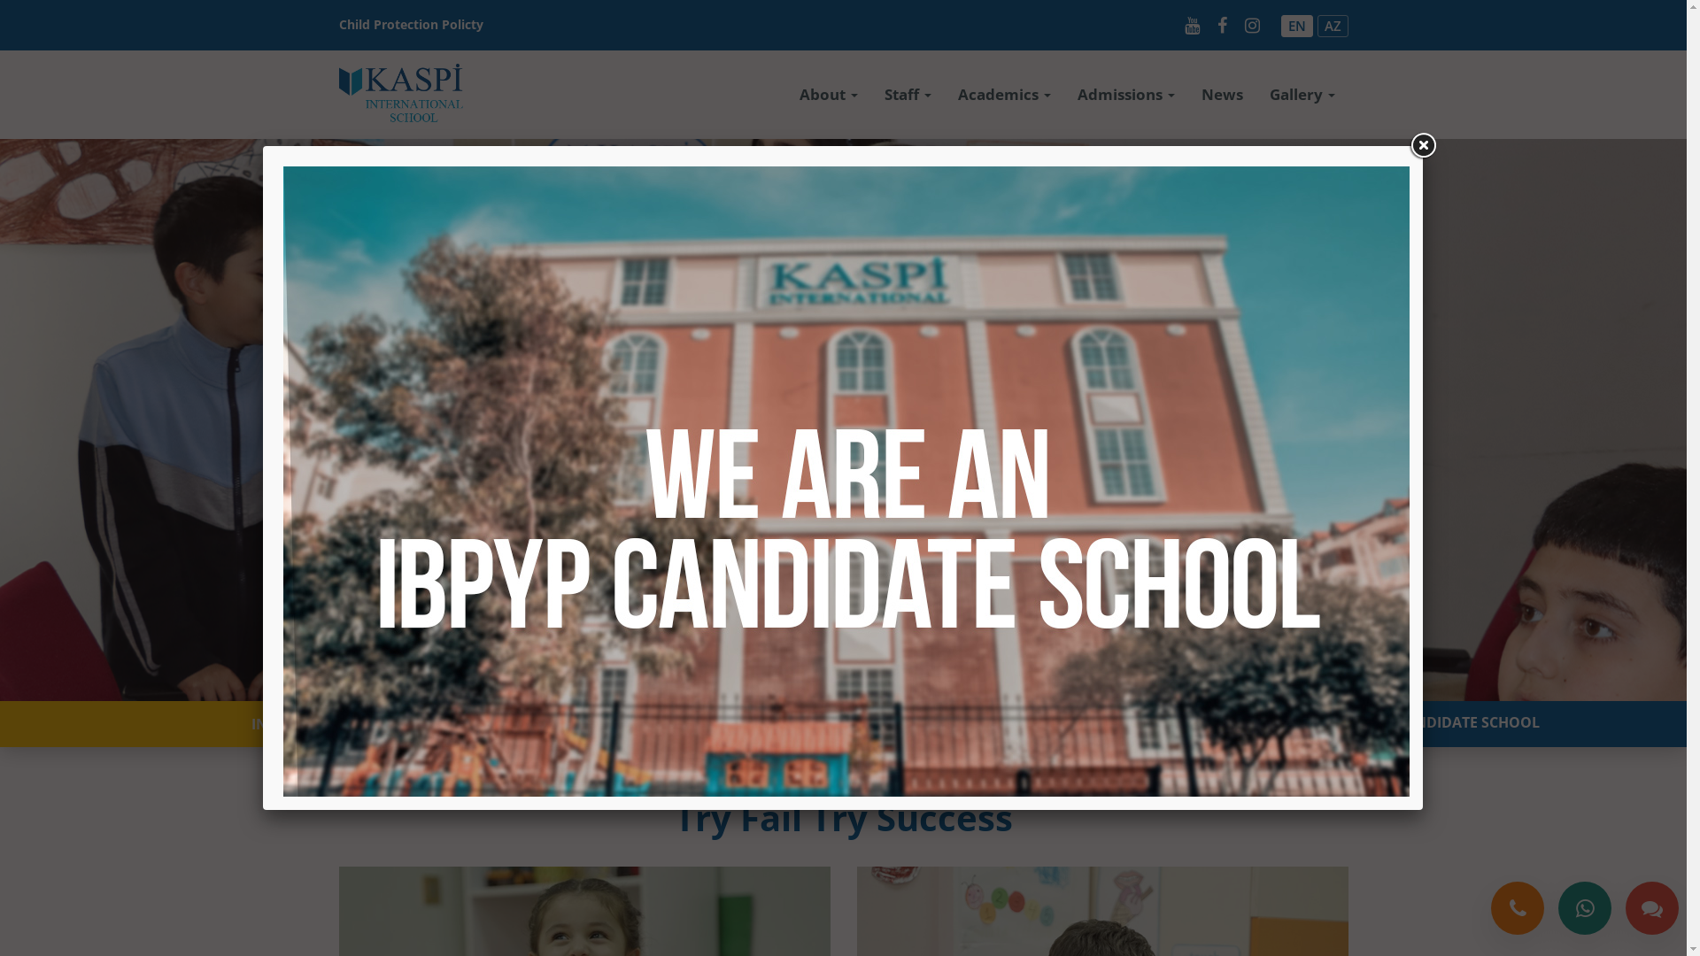  What do you see at coordinates (1124, 722) in the screenshot?
I see `'WE ARE AN IBPYP CANDIDATE SCHOOL'` at bounding box center [1124, 722].